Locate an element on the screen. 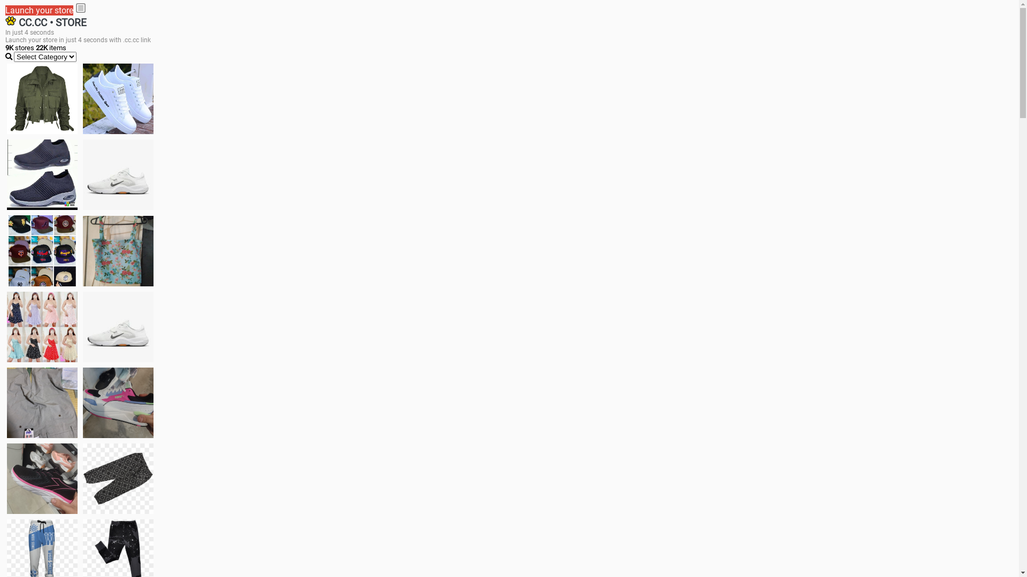 The width and height of the screenshot is (1027, 577). 'Shoes' is located at coordinates (82, 326).